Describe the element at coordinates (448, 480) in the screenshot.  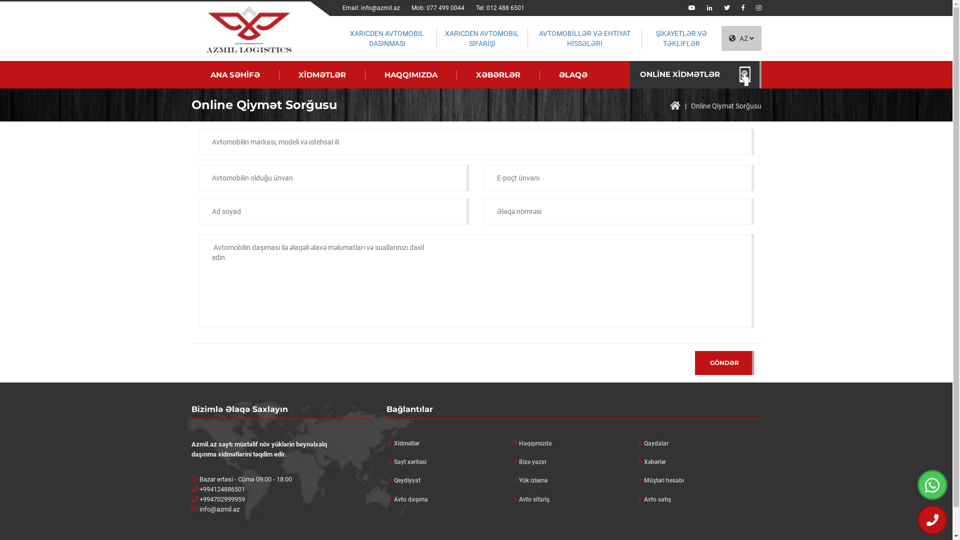
I see `'Qeydiyyat'` at that location.